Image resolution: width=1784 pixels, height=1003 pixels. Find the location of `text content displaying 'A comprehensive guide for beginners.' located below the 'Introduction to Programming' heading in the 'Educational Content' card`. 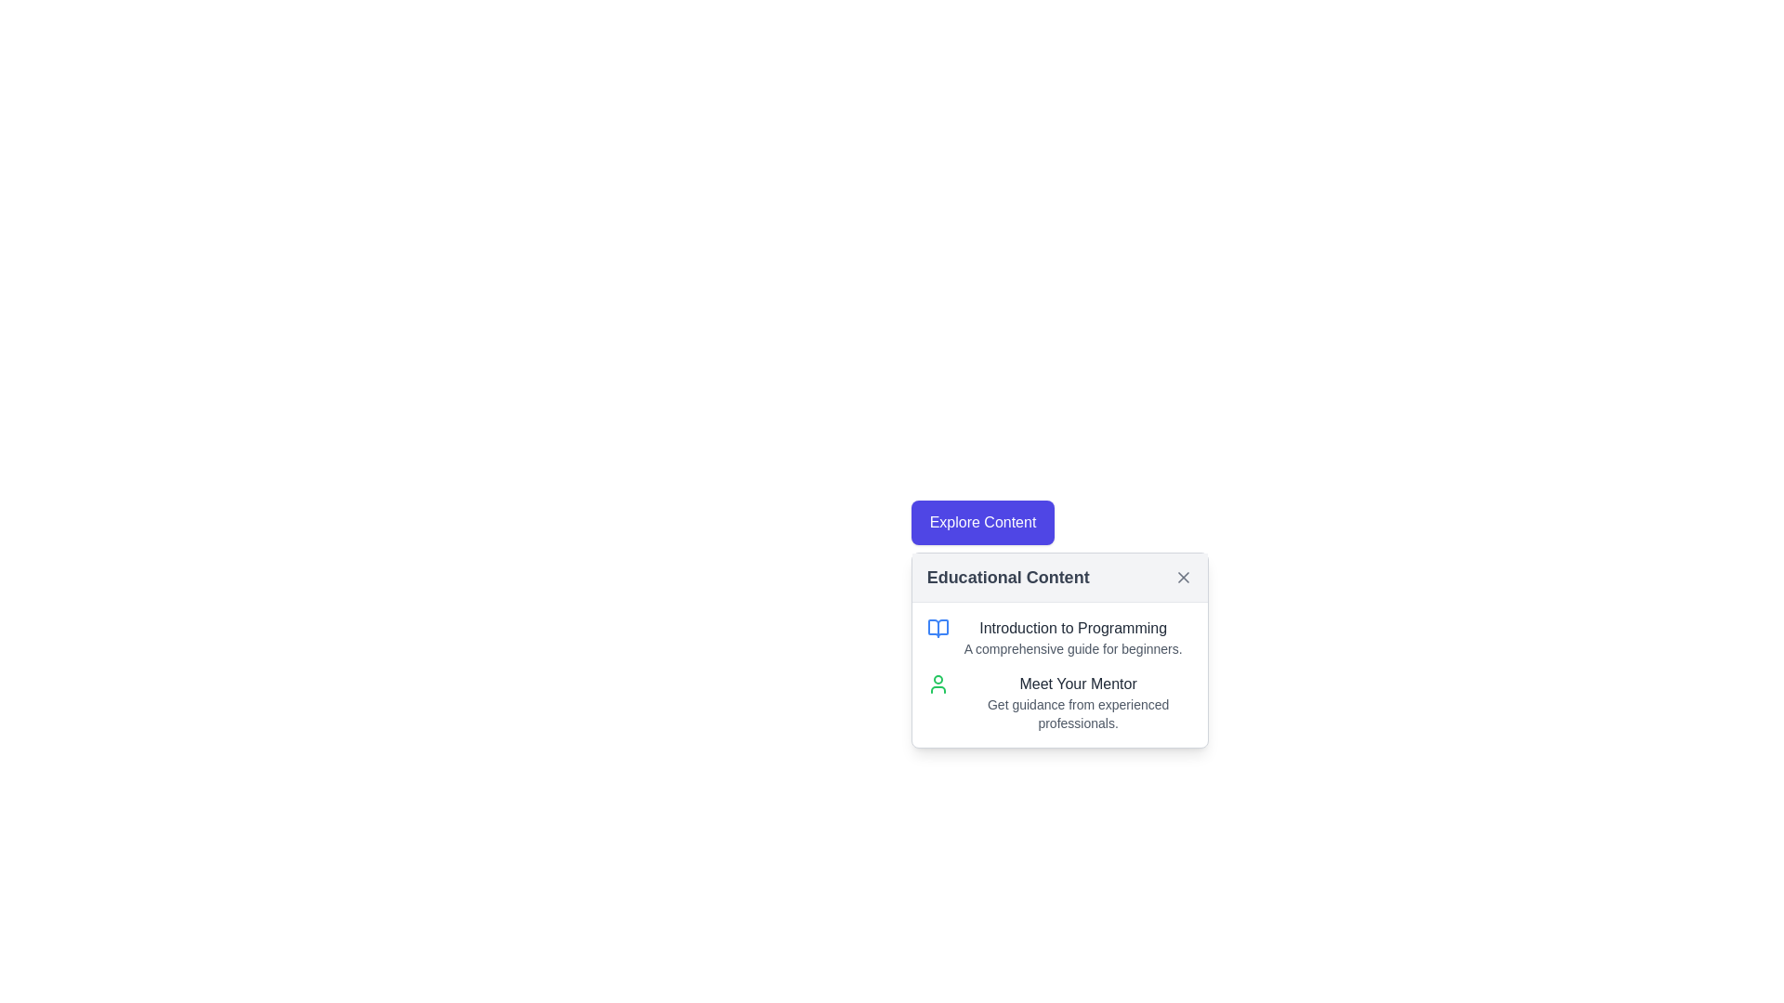

text content displaying 'A comprehensive guide for beginners.' located below the 'Introduction to Programming' heading in the 'Educational Content' card is located at coordinates (1073, 647).